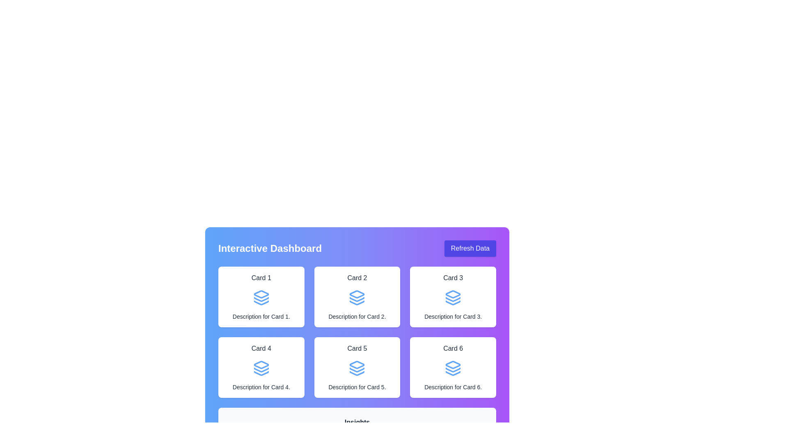  I want to click on the decorative vector graphic located in the bottom layer of the stack icon within the sixth card of a 2x3 card grid, so click(453, 373).